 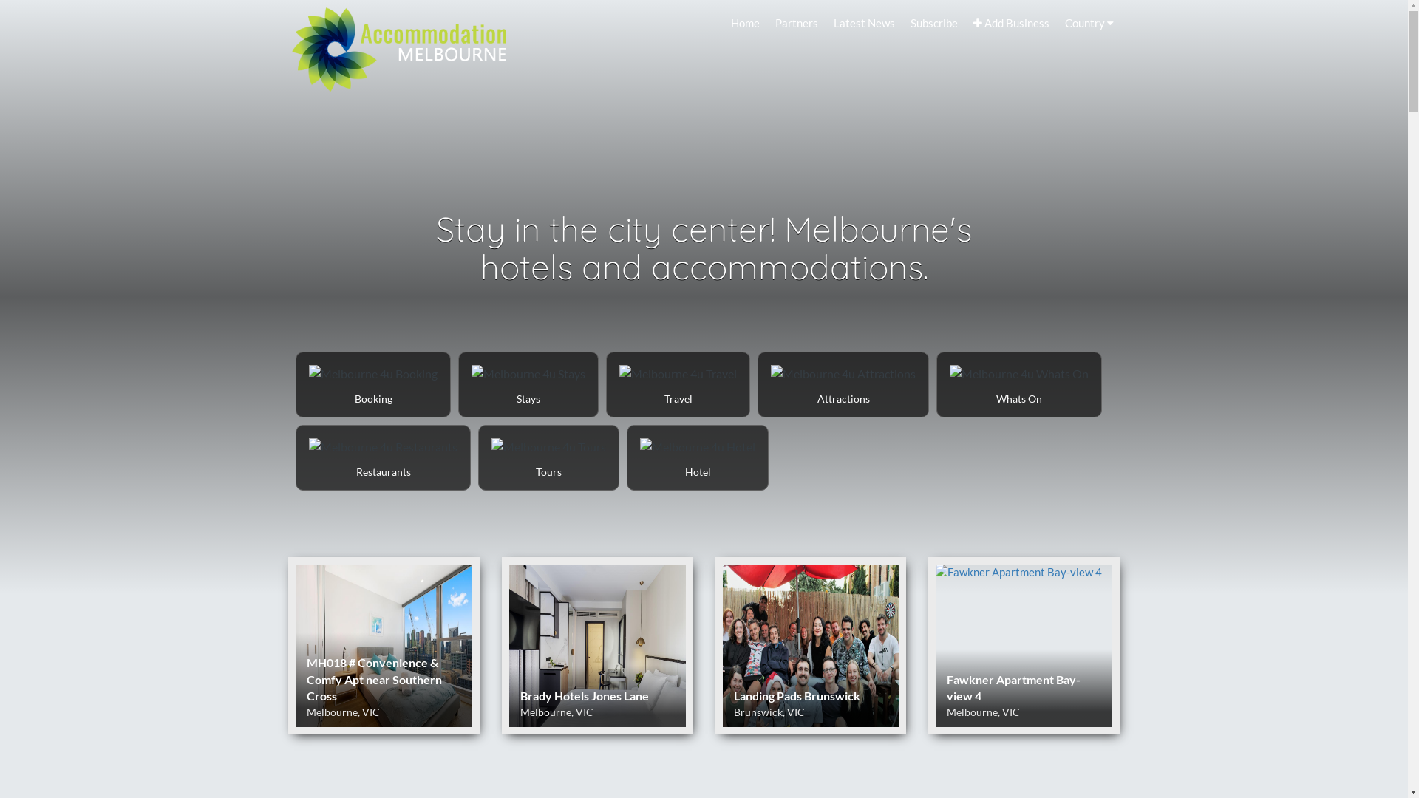 What do you see at coordinates (1058, 22) in the screenshot?
I see `'Country'` at bounding box center [1058, 22].